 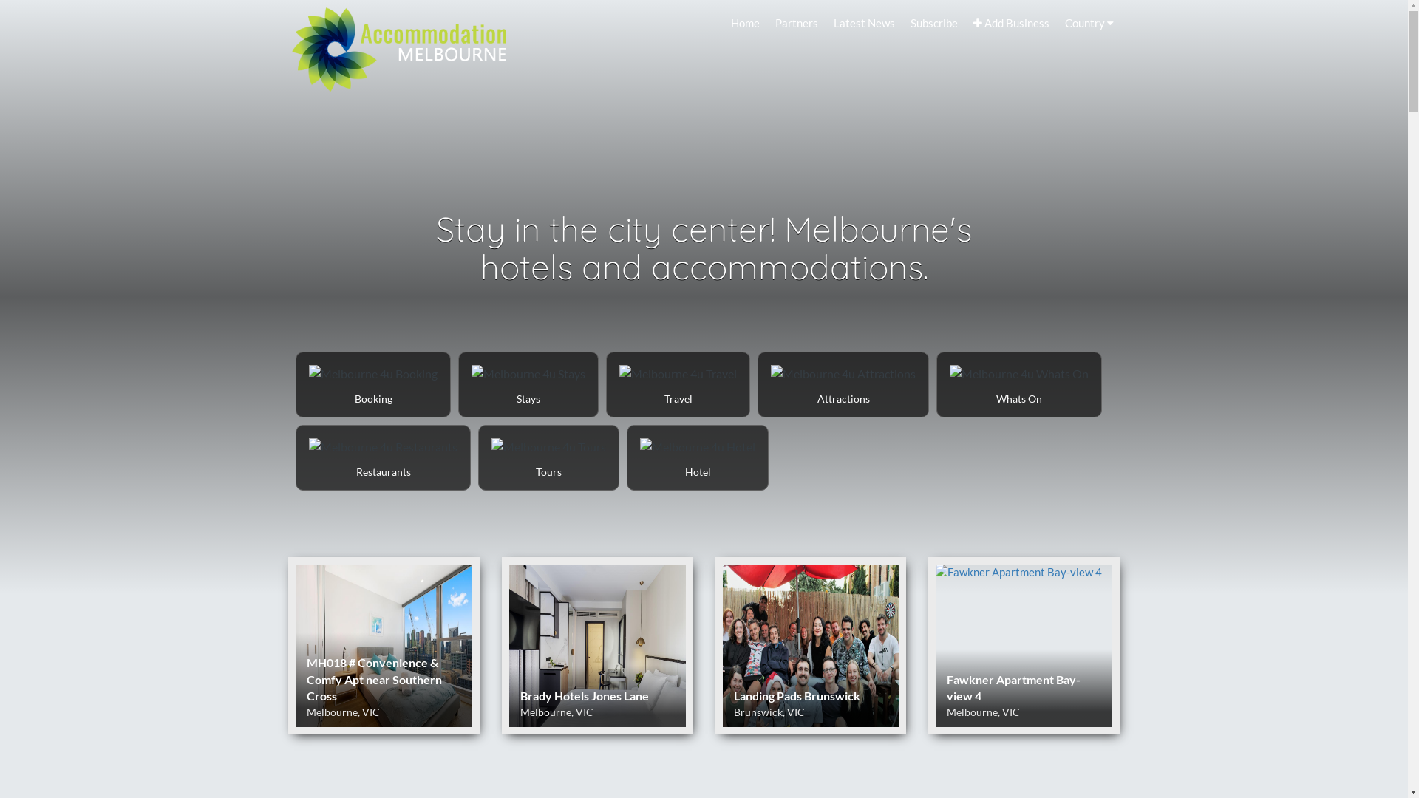 What do you see at coordinates (1058, 22) in the screenshot?
I see `'Country'` at bounding box center [1058, 22].